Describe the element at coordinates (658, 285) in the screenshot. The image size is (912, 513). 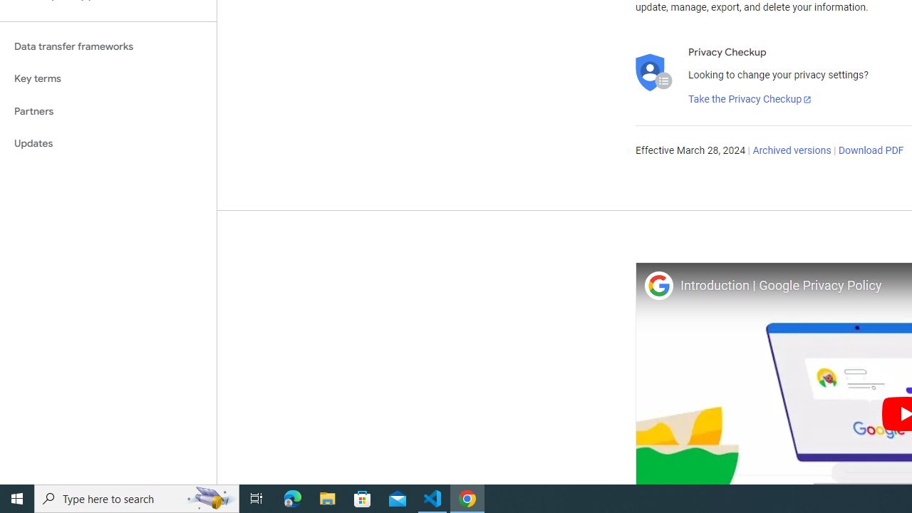
I see `'Photo image of Google'` at that location.